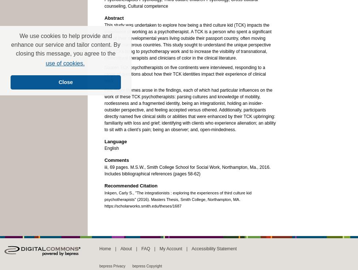 This screenshot has height=270, width=358. I want to click on 'Close', so click(65, 82).